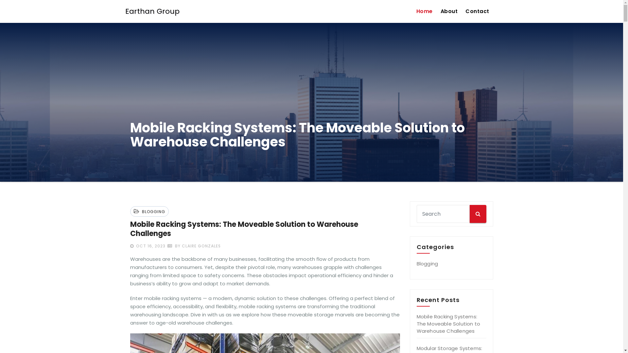 This screenshot has width=628, height=353. Describe the element at coordinates (427, 263) in the screenshot. I see `'Blogging'` at that location.